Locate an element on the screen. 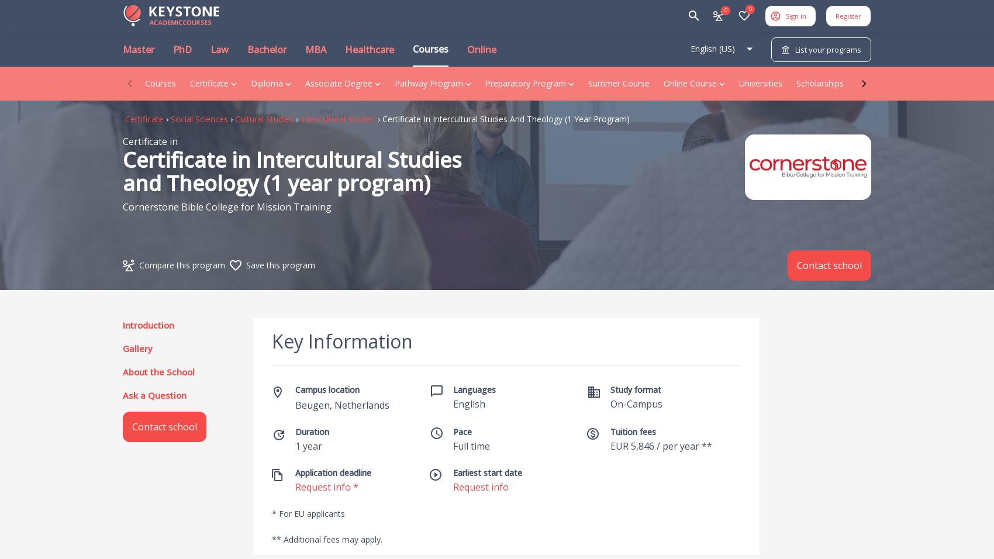  'Bachelor' is located at coordinates (267, 49).